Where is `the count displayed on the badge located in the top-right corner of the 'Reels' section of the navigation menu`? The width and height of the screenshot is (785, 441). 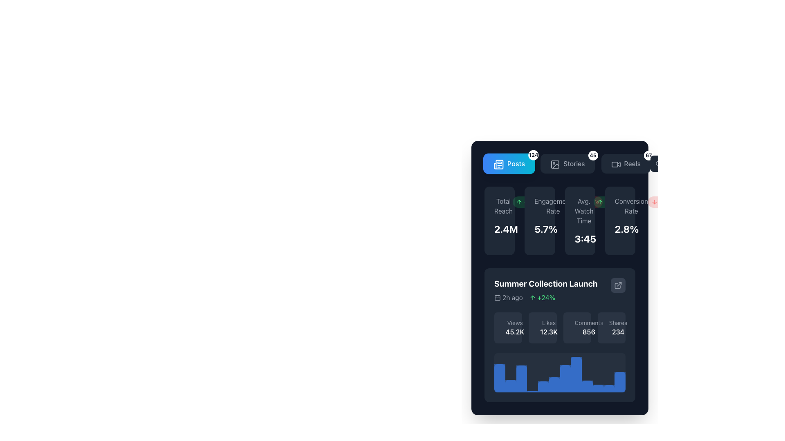
the count displayed on the badge located in the top-right corner of the 'Reels' section of the navigation menu is located at coordinates (648, 156).